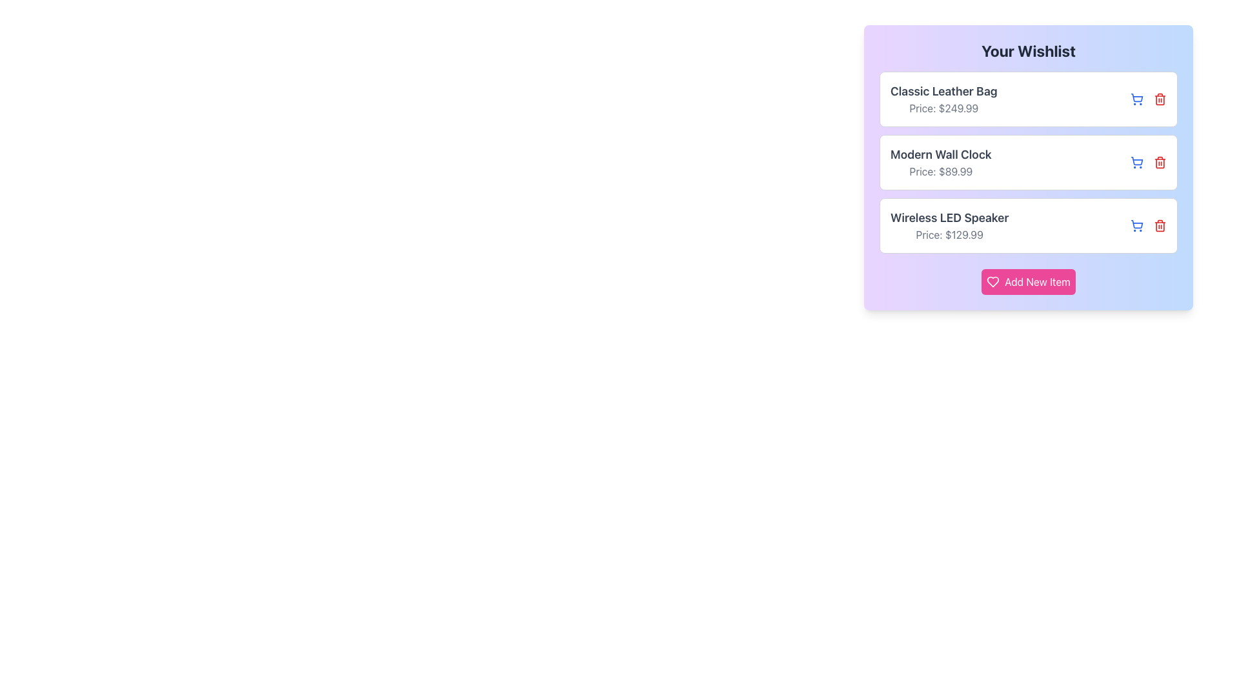 The width and height of the screenshot is (1239, 697). What do you see at coordinates (941, 171) in the screenshot?
I see `price displayed in the text label located directly below the title 'Modern Wall Clock' in the second card of the wishlist interface` at bounding box center [941, 171].